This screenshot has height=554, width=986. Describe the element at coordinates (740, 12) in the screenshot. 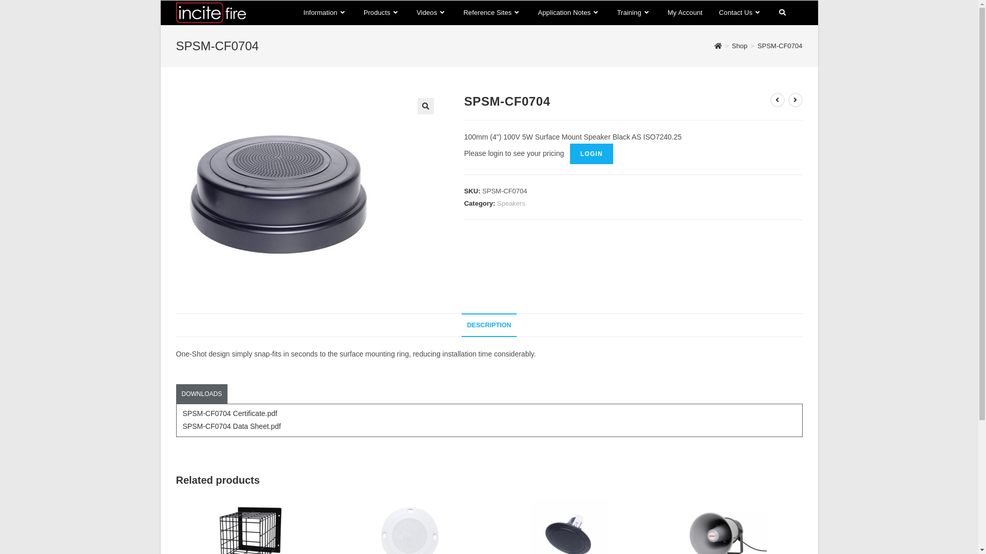

I see `'Contact Us'` at that location.